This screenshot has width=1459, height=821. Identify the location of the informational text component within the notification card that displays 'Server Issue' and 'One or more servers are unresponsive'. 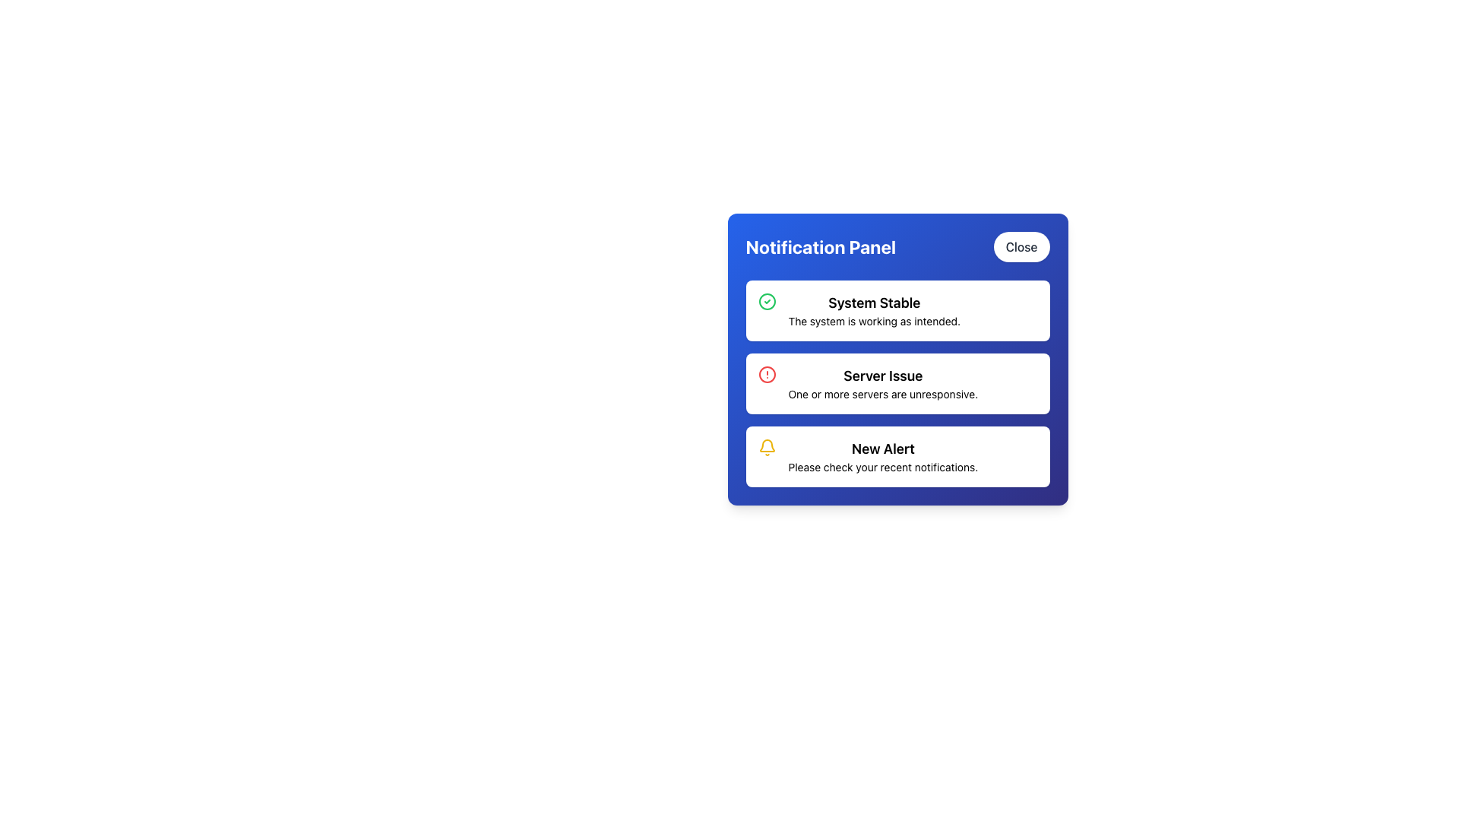
(883, 383).